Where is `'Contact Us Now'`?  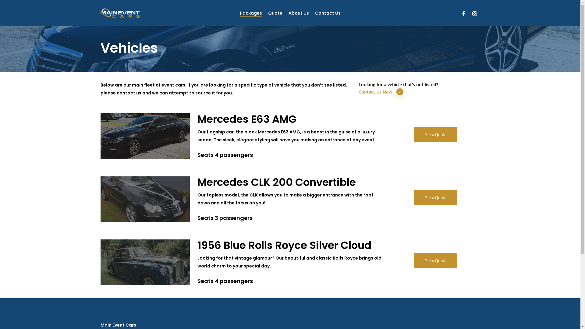 'Contact Us Now' is located at coordinates (381, 92).